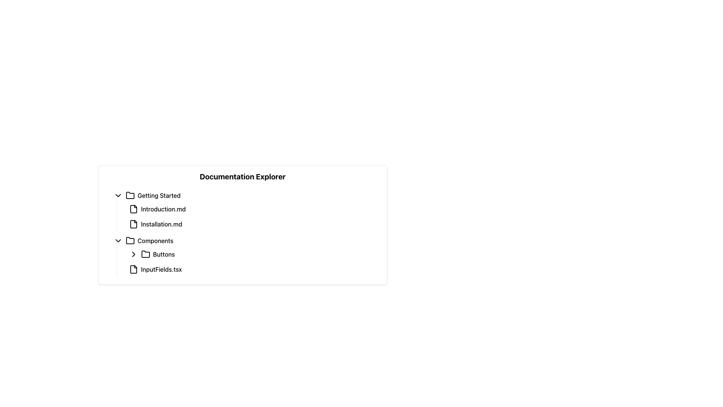 This screenshot has width=723, height=407. I want to click on the icon that visually indicates a file or document, located in the 'Getting Started' section, preceding the text label 'Introduction.md', so click(133, 209).